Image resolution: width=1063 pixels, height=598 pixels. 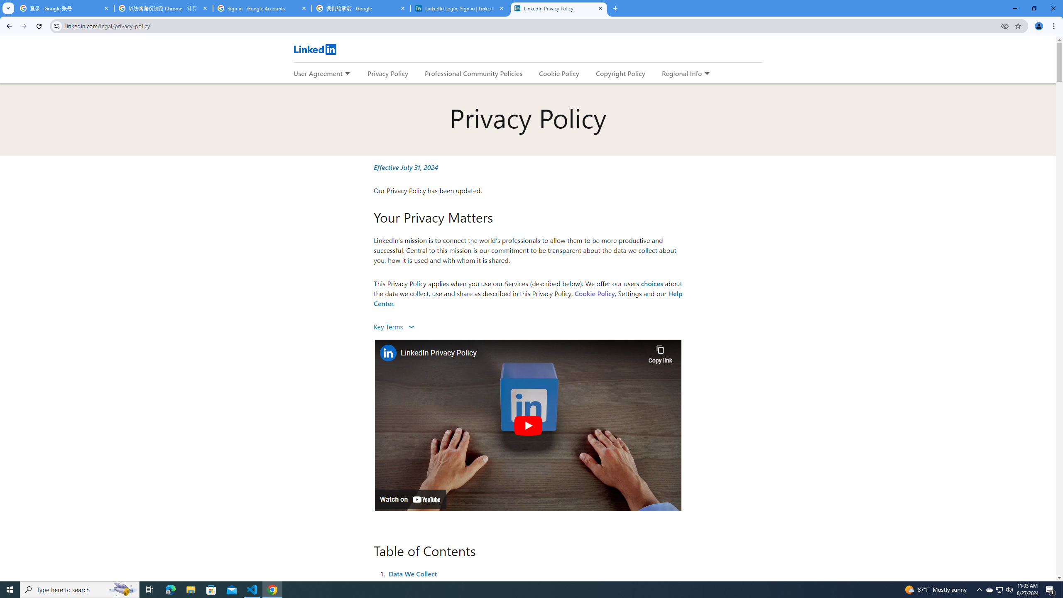 I want to click on 'Regional Info', so click(x=682, y=73).